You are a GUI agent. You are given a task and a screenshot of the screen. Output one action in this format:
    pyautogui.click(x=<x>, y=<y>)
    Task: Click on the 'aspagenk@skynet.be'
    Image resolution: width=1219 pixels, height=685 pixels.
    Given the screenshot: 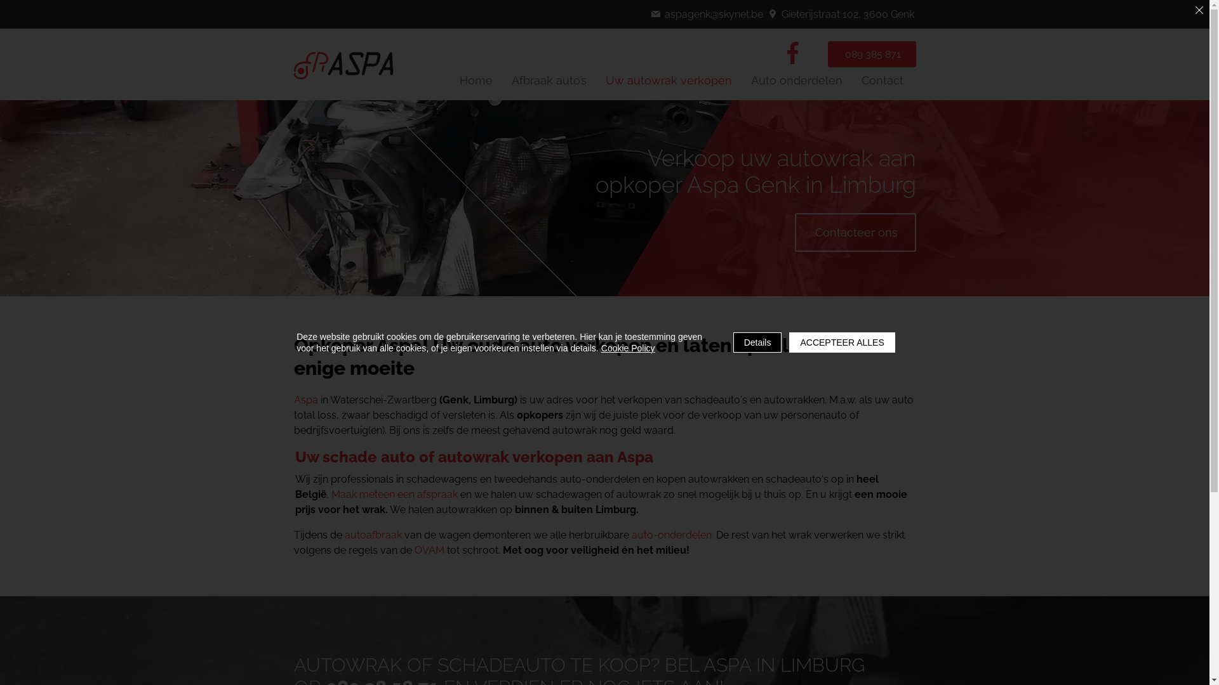 What is the action you would take?
    pyautogui.click(x=707, y=14)
    